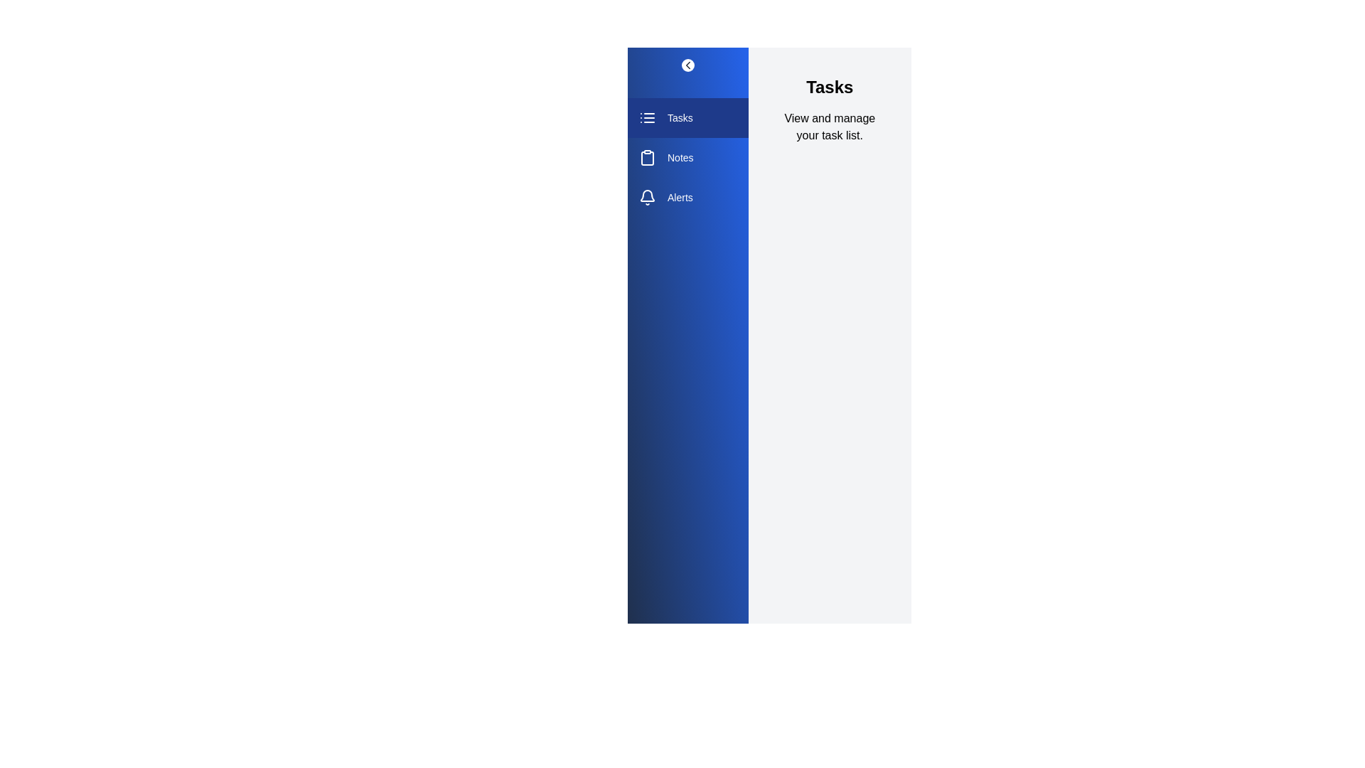 The image size is (1365, 768). I want to click on the section Alerts from the sidebar, so click(687, 197).